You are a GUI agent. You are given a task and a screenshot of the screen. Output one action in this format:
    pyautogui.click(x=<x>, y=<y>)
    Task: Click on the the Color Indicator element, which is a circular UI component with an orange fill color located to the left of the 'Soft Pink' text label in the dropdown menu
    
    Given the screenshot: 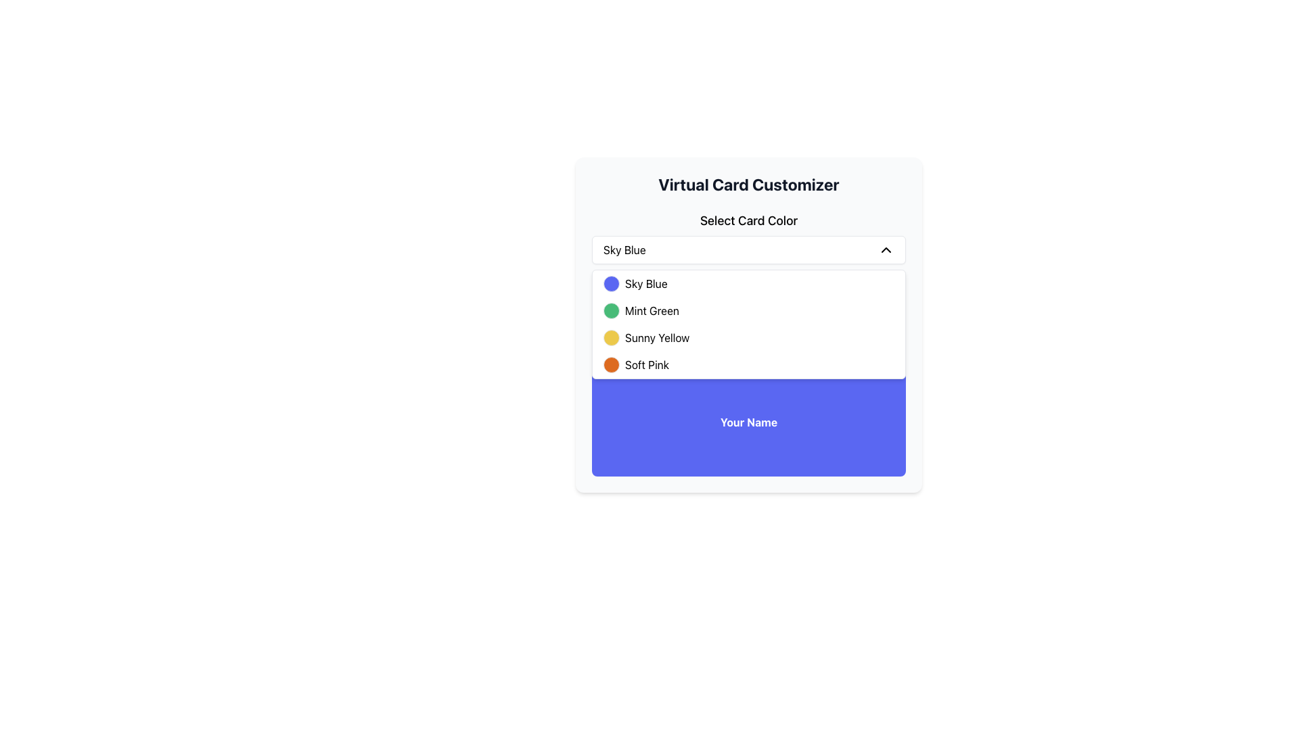 What is the action you would take?
    pyautogui.click(x=610, y=365)
    